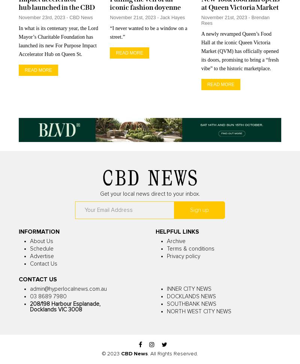 Image resolution: width=300 pixels, height=364 pixels. I want to click on '208/198 Harbour Esplanade,', so click(65, 304).